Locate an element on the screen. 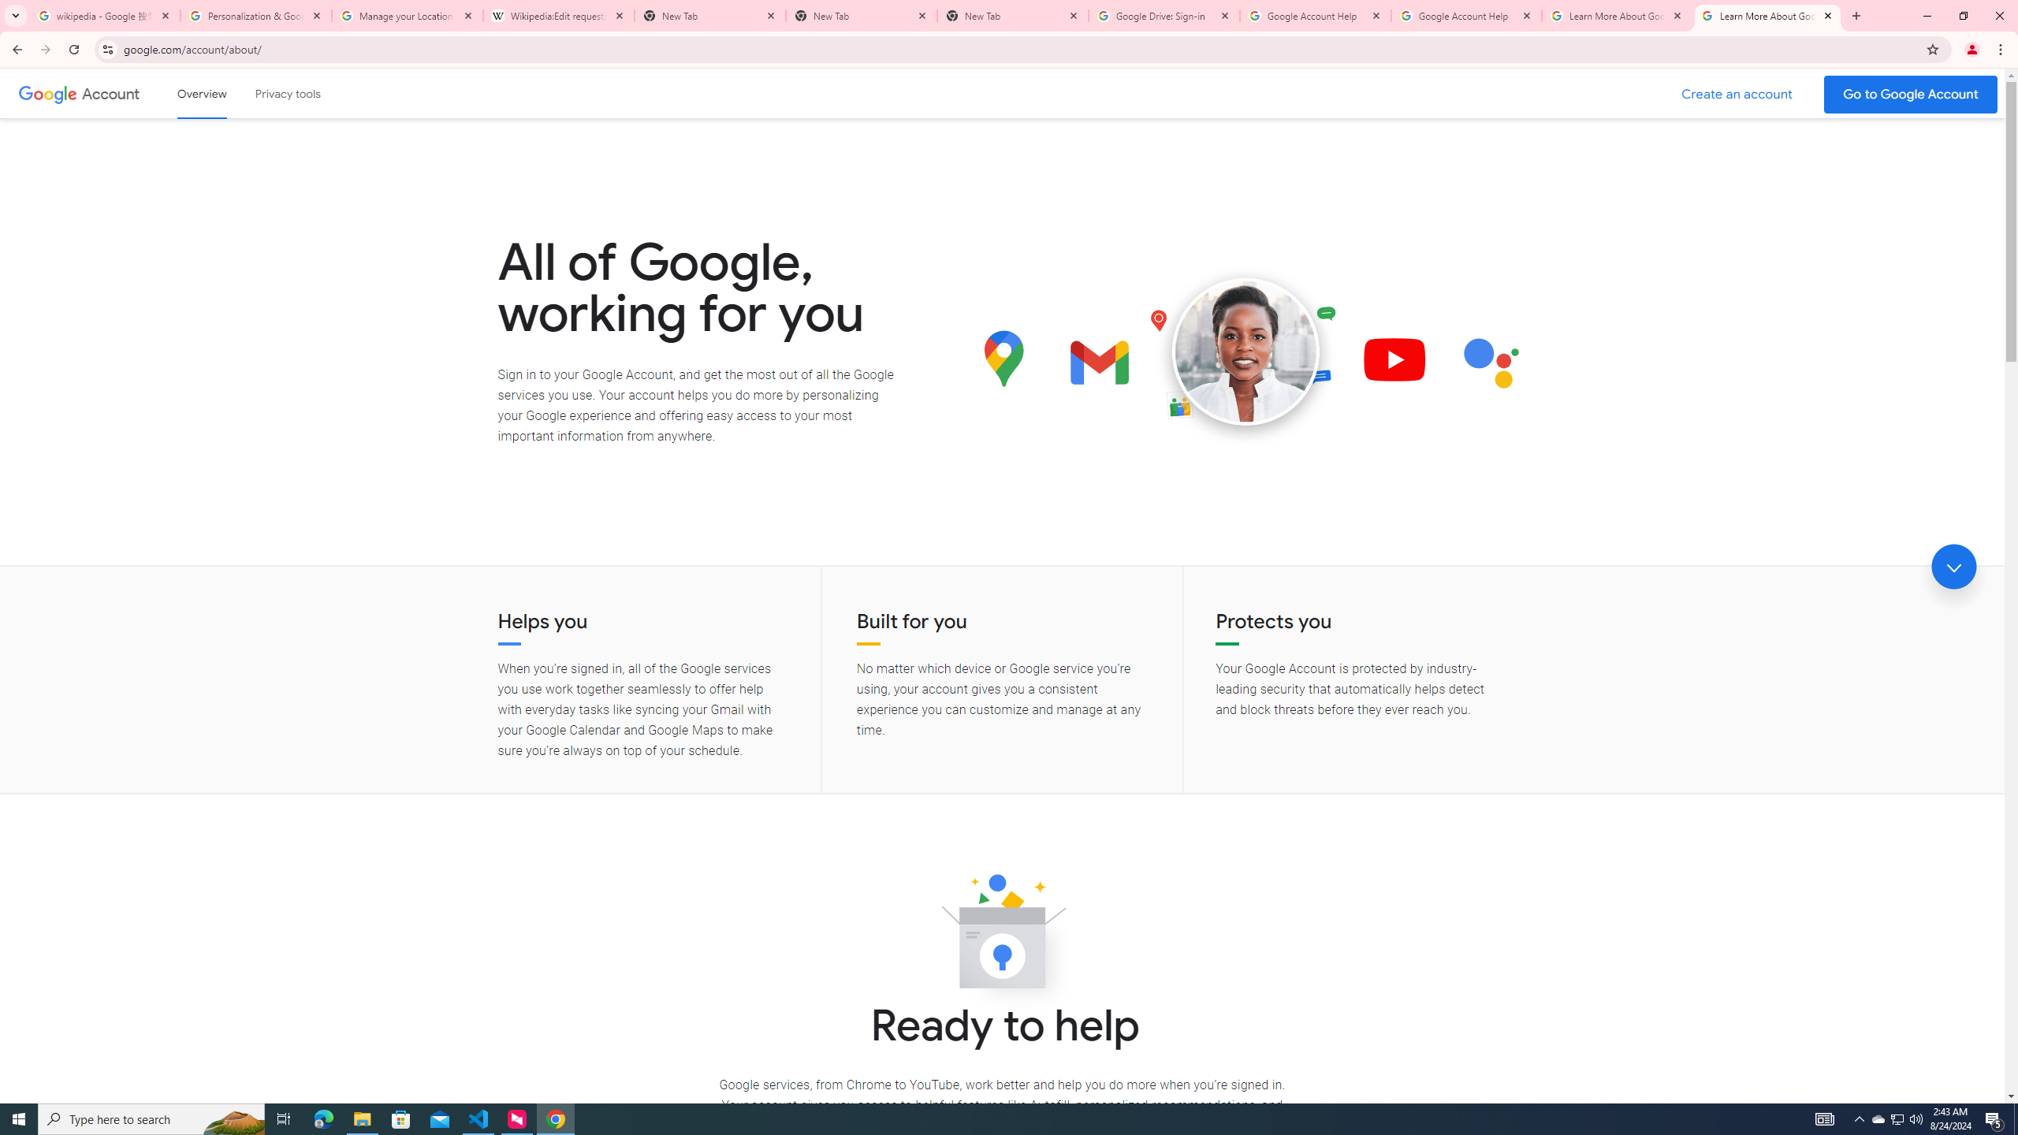  'Go to your Google Account' is located at coordinates (1911, 94).